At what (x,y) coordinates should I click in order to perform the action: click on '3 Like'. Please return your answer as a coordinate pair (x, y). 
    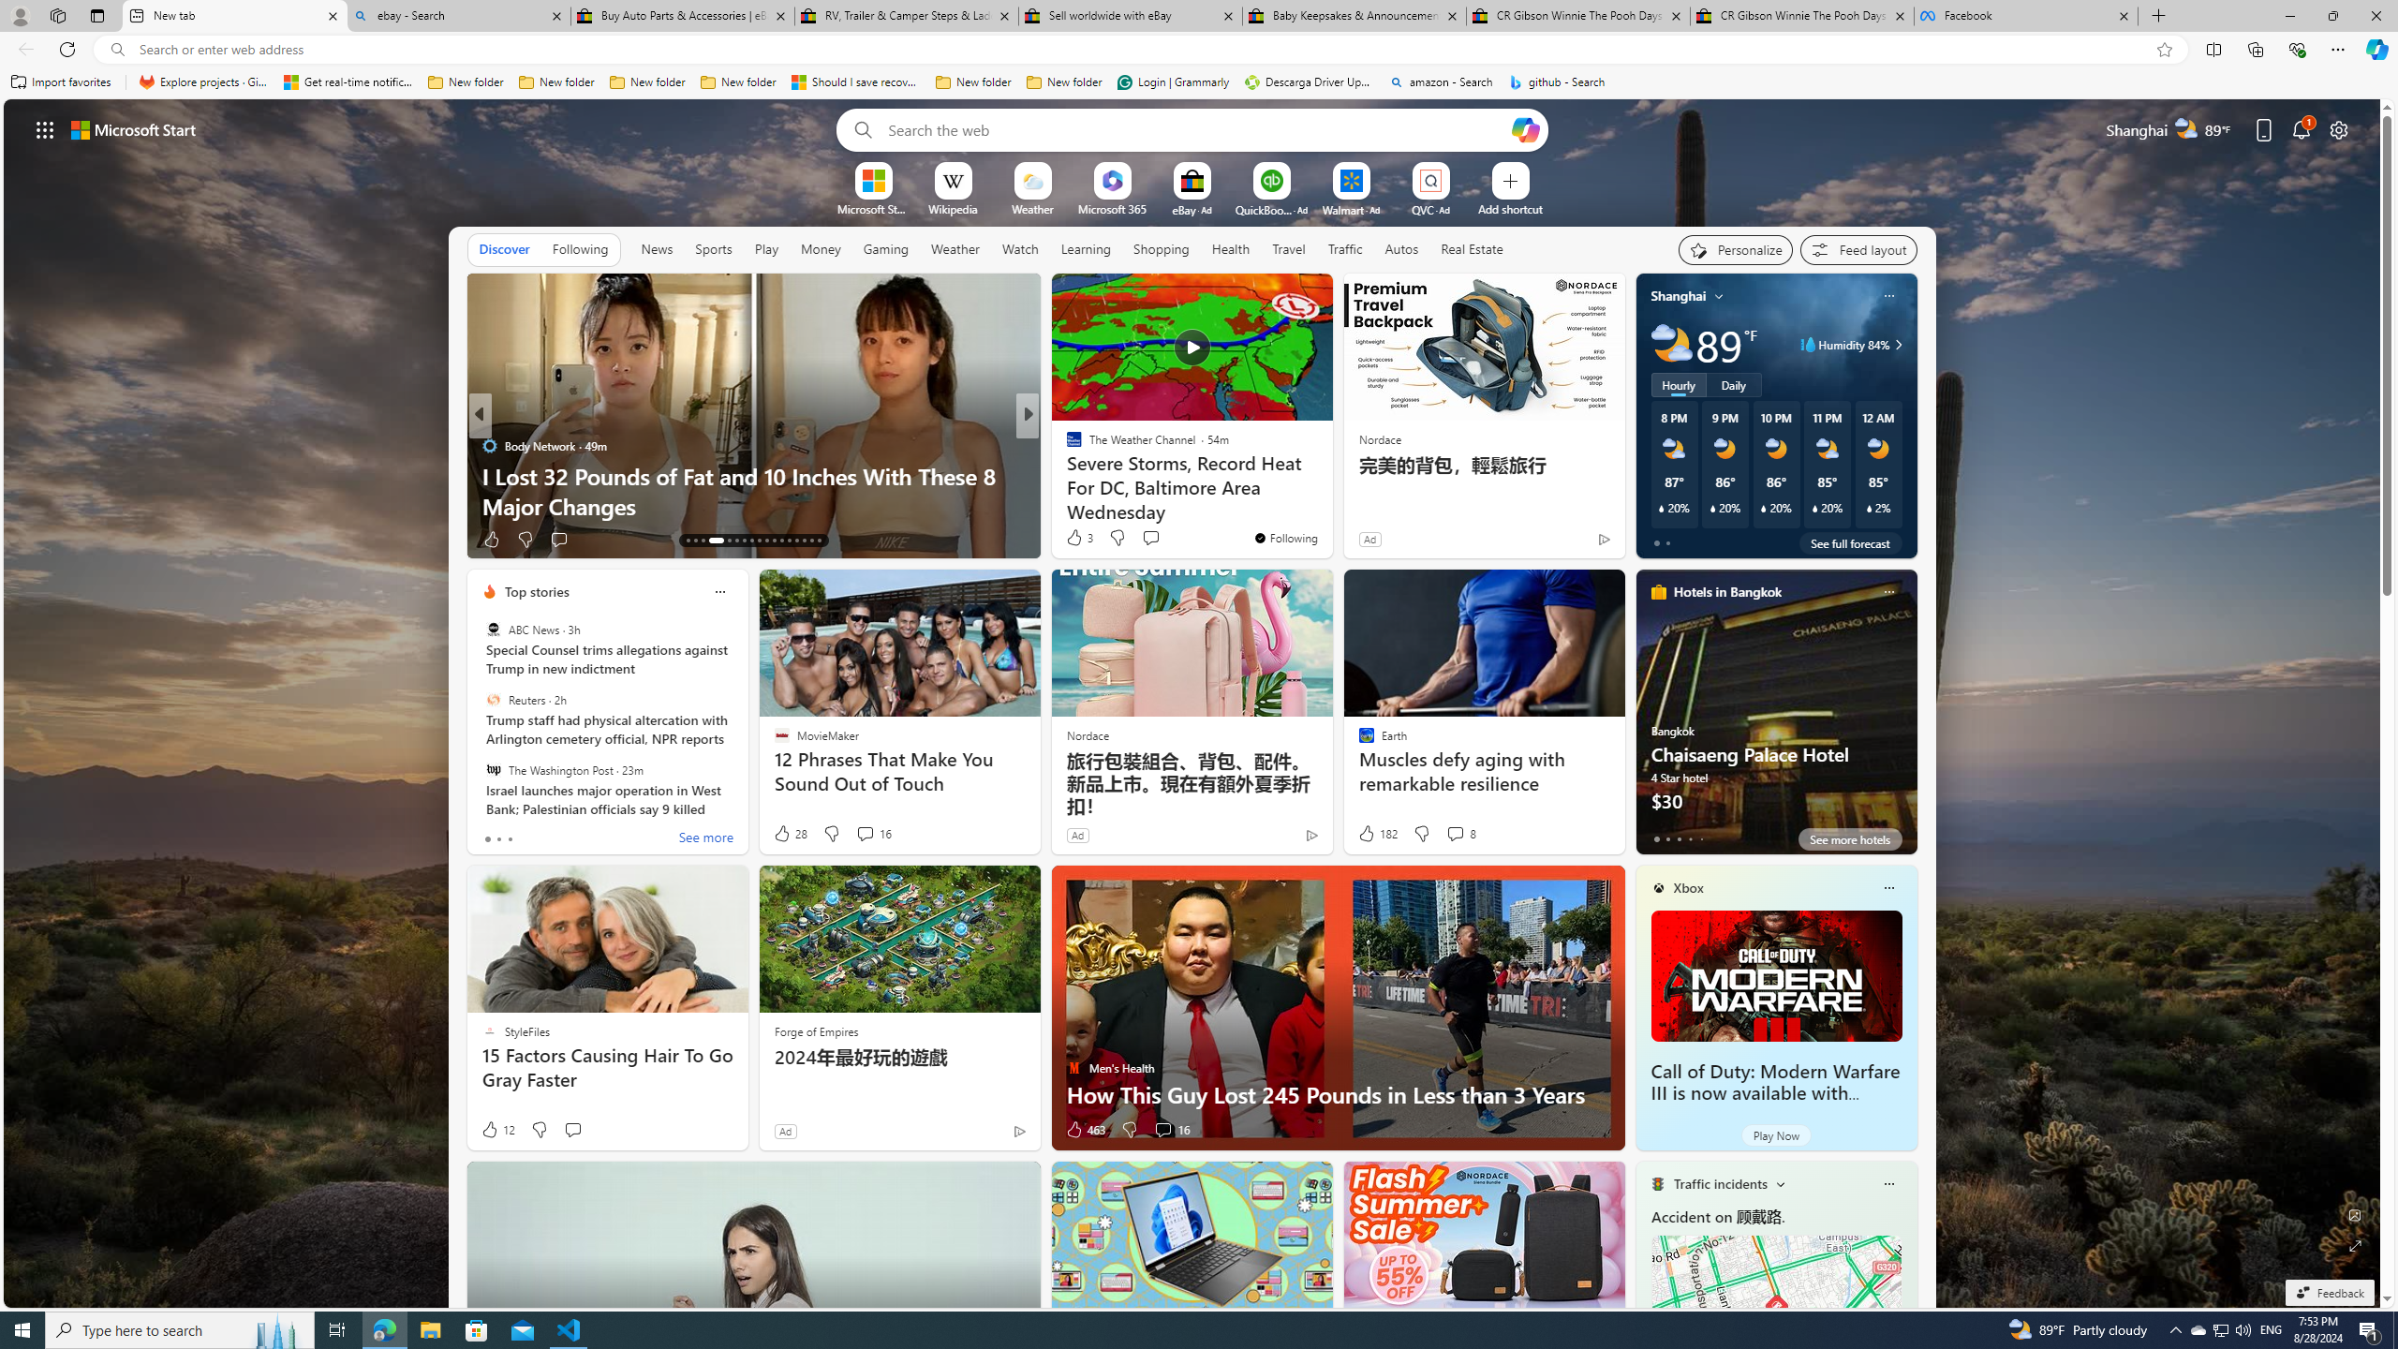
    Looking at the image, I should click on (1078, 536).